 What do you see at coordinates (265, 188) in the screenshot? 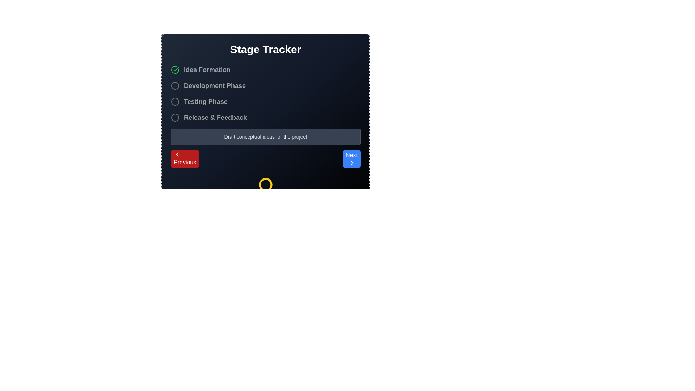
I see `the yellow circular icon resembling an award or badge, located centrally at the bottom of the interface beneath the 'Draft conceptual ideas for the project' text input area` at bounding box center [265, 188].